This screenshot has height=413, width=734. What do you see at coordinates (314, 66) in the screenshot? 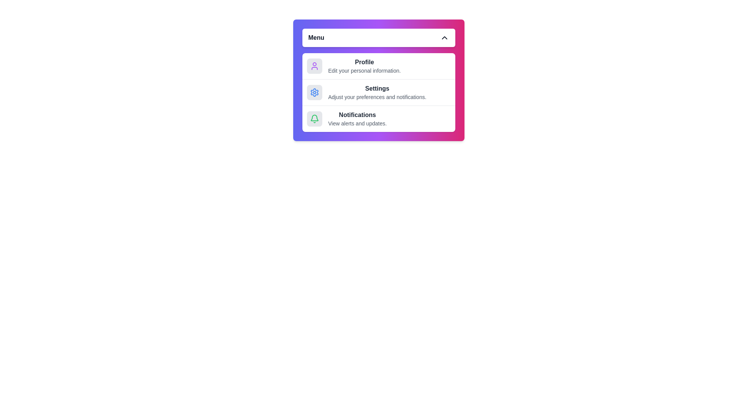
I see `the Profile icon in the menu` at bounding box center [314, 66].